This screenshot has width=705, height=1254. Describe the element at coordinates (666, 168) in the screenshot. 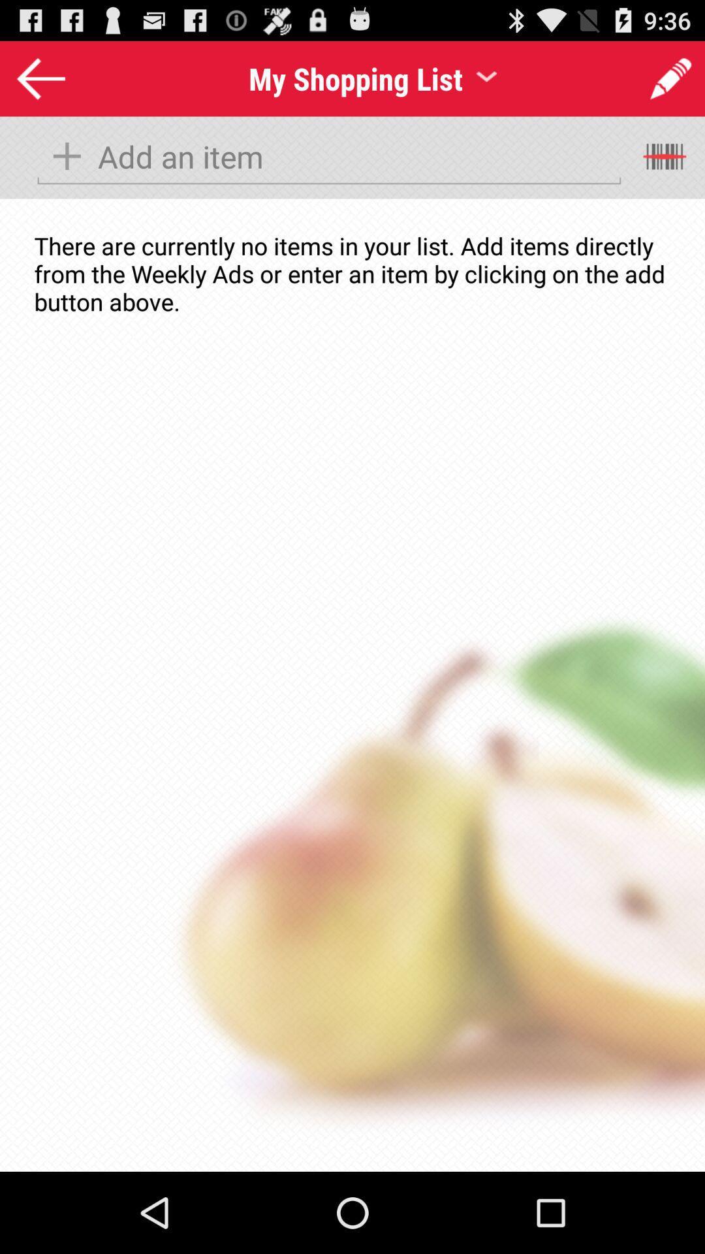

I see `the sliders icon` at that location.